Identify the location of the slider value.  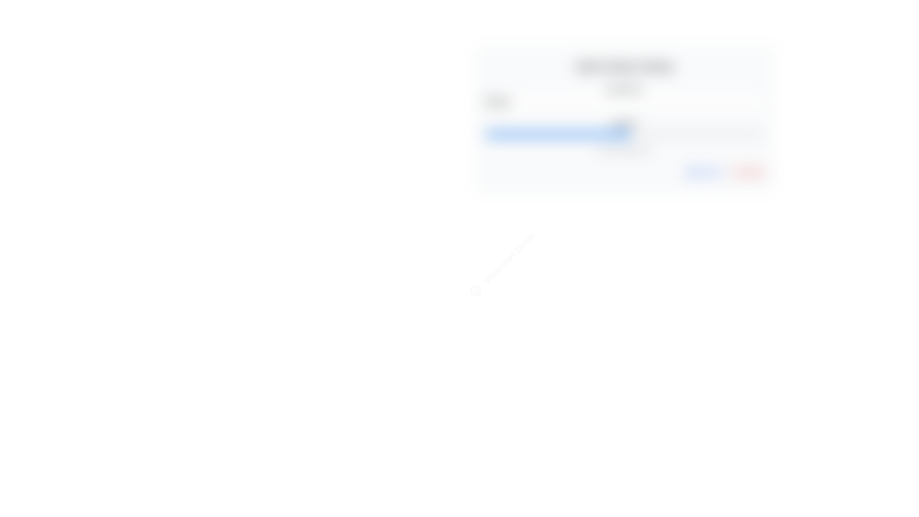
(683, 135).